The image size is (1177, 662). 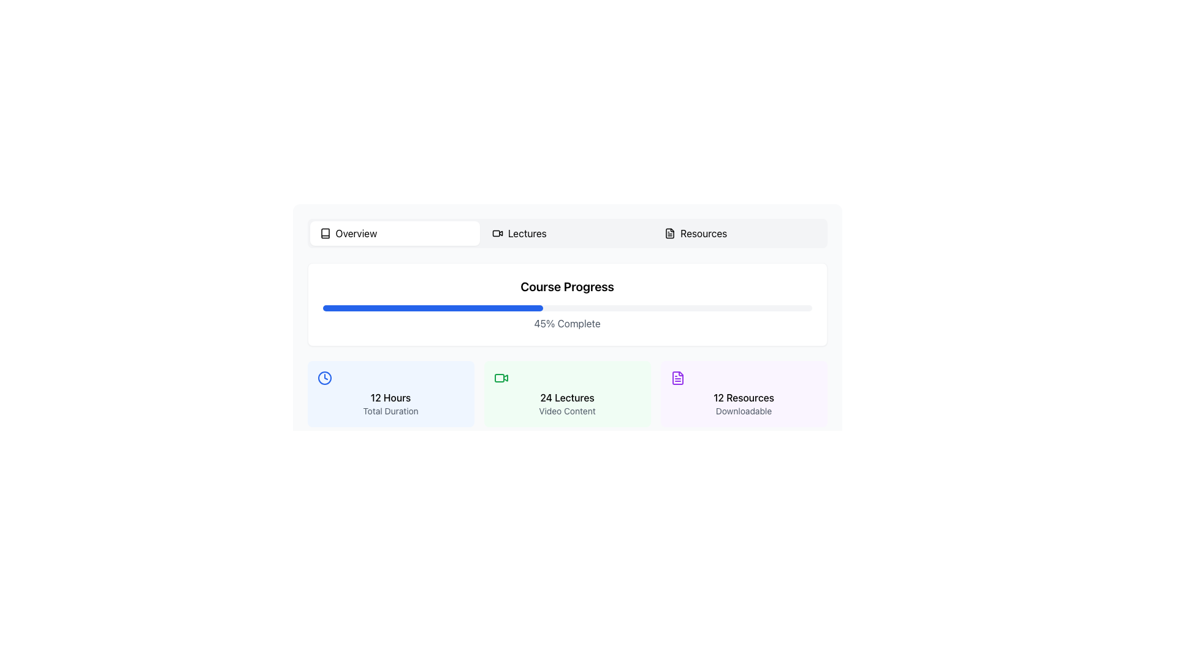 I want to click on the primary text label indicating the availability or count of resources, located in the bottom-right section of the interface, so click(x=743, y=397).